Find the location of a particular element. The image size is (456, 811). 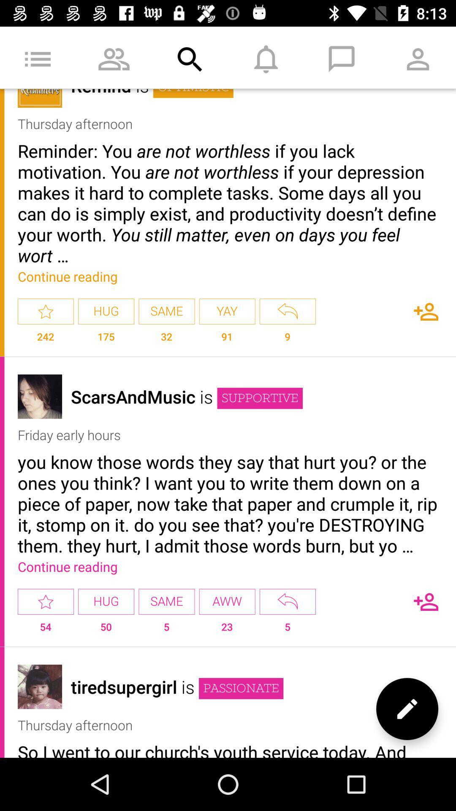

the app below the yay icon is located at coordinates (287, 340).